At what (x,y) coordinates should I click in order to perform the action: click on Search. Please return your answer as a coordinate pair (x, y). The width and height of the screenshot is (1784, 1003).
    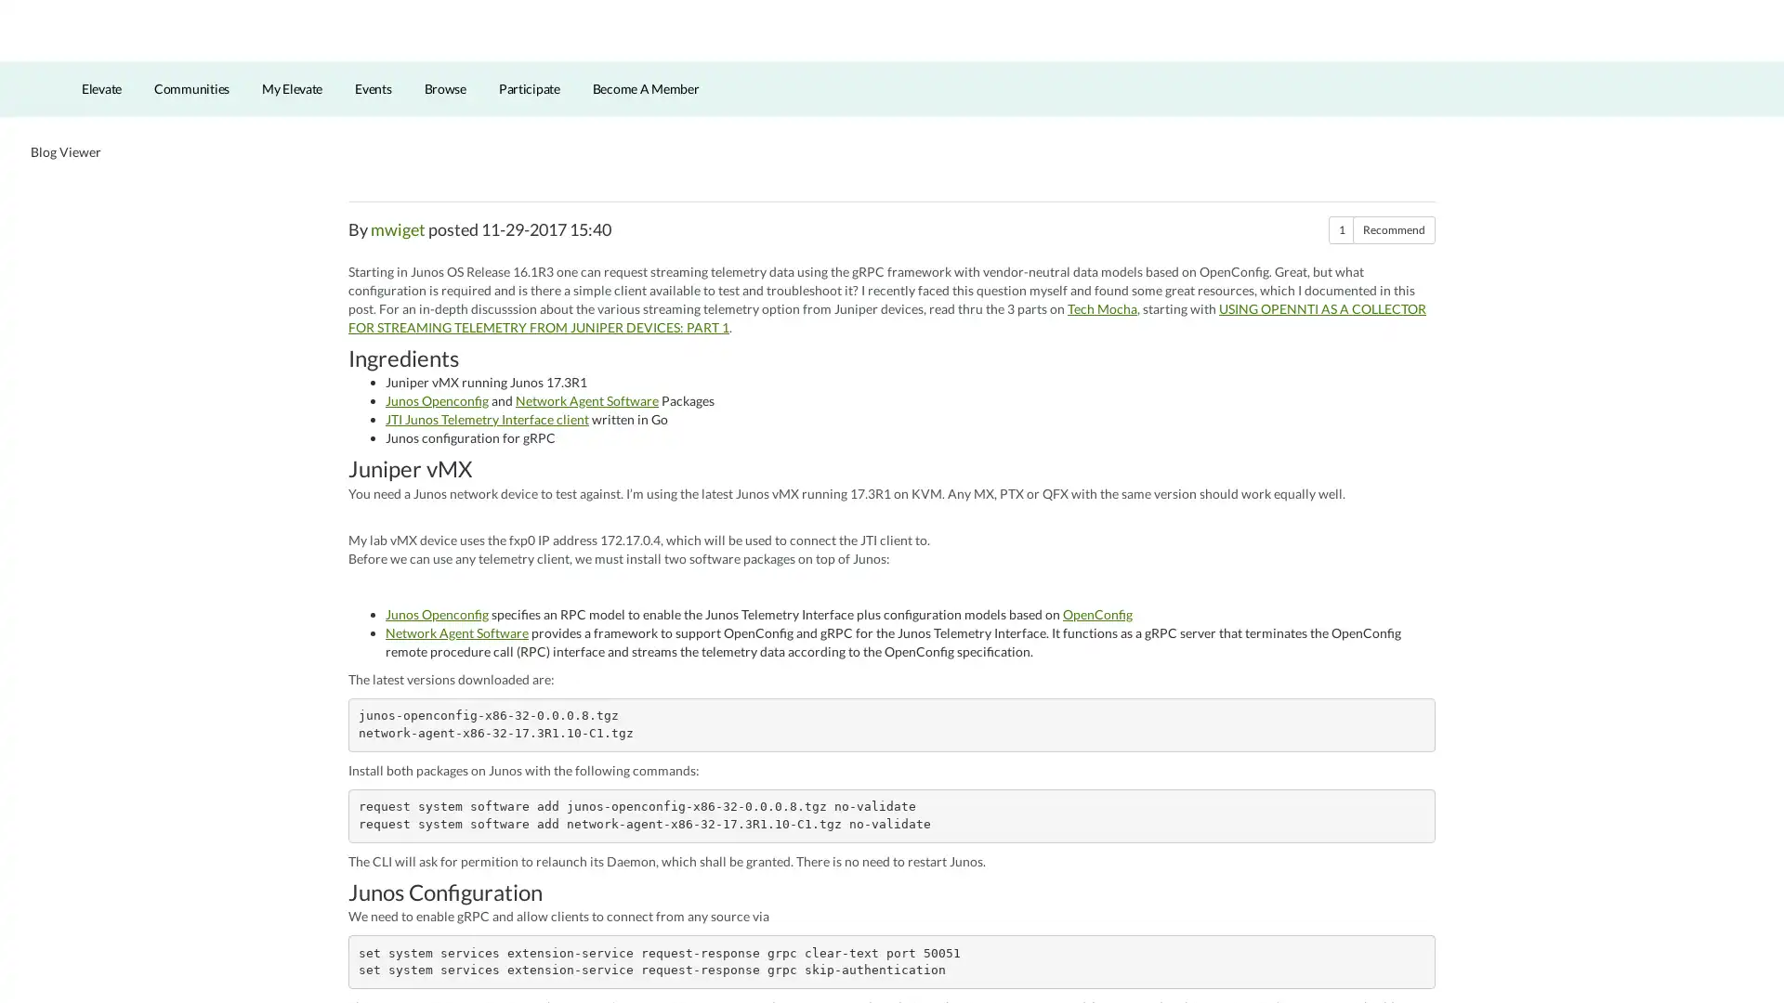
    Looking at the image, I should click on (1658, 60).